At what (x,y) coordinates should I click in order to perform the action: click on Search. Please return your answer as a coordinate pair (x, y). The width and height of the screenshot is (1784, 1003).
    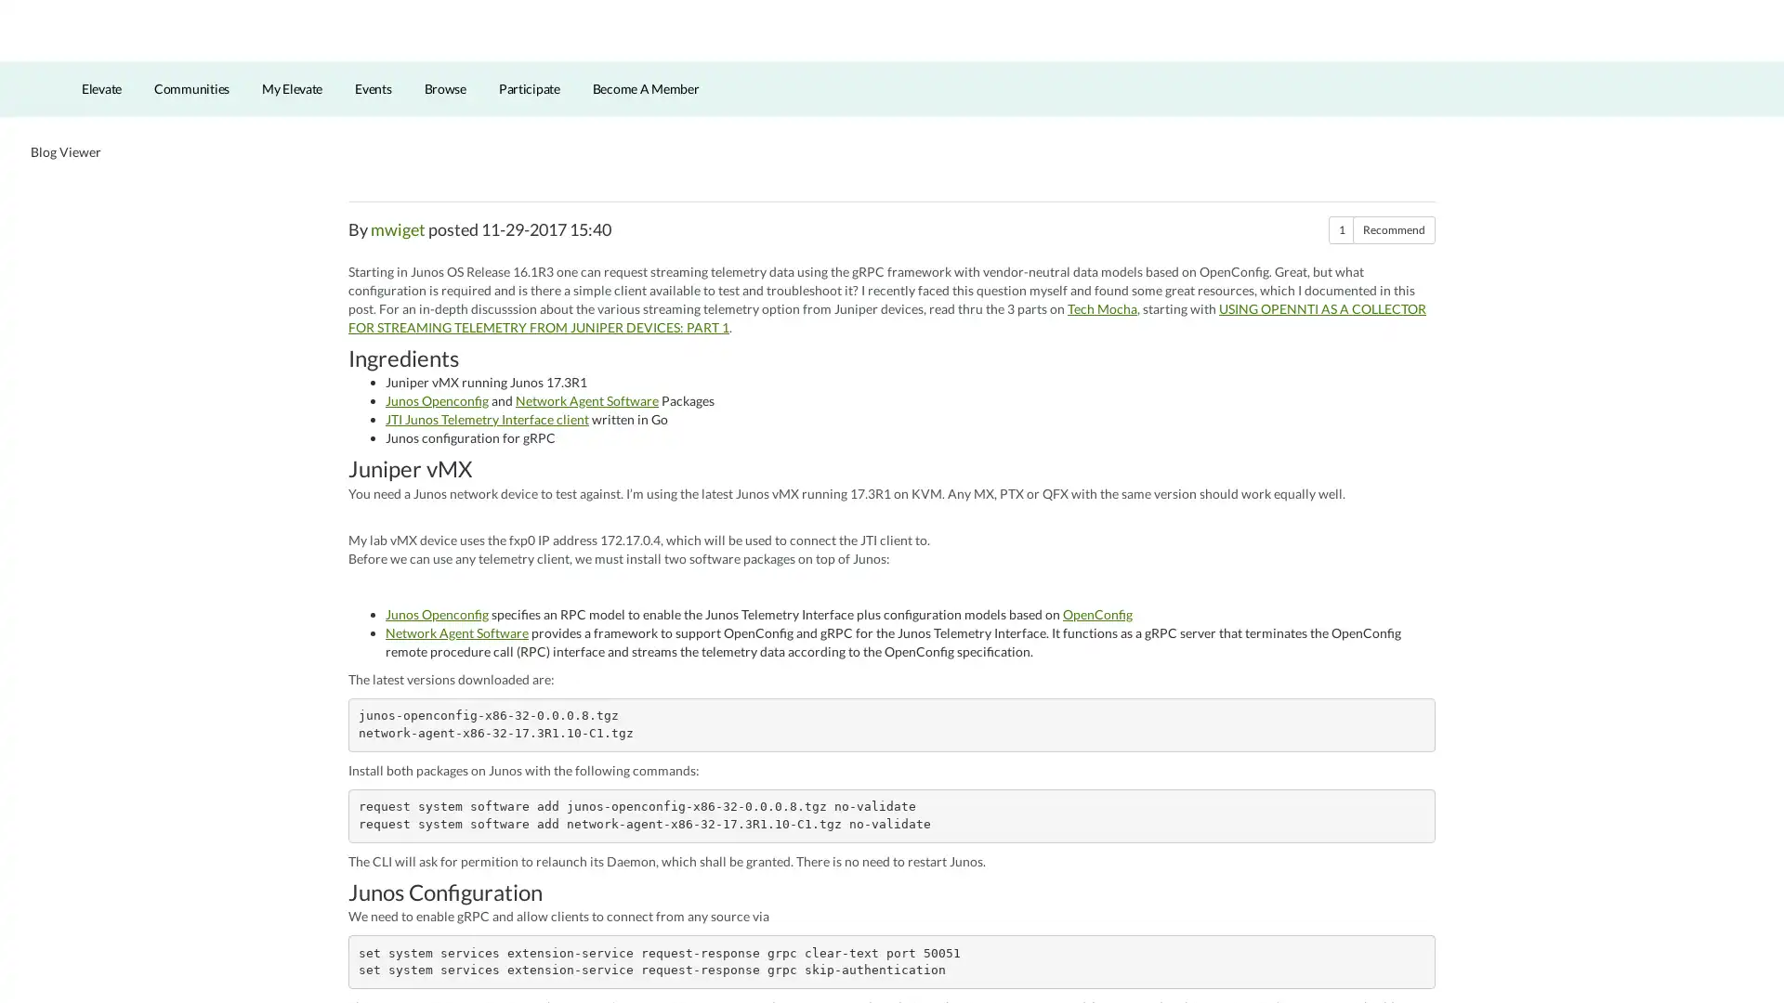
    Looking at the image, I should click on (1658, 60).